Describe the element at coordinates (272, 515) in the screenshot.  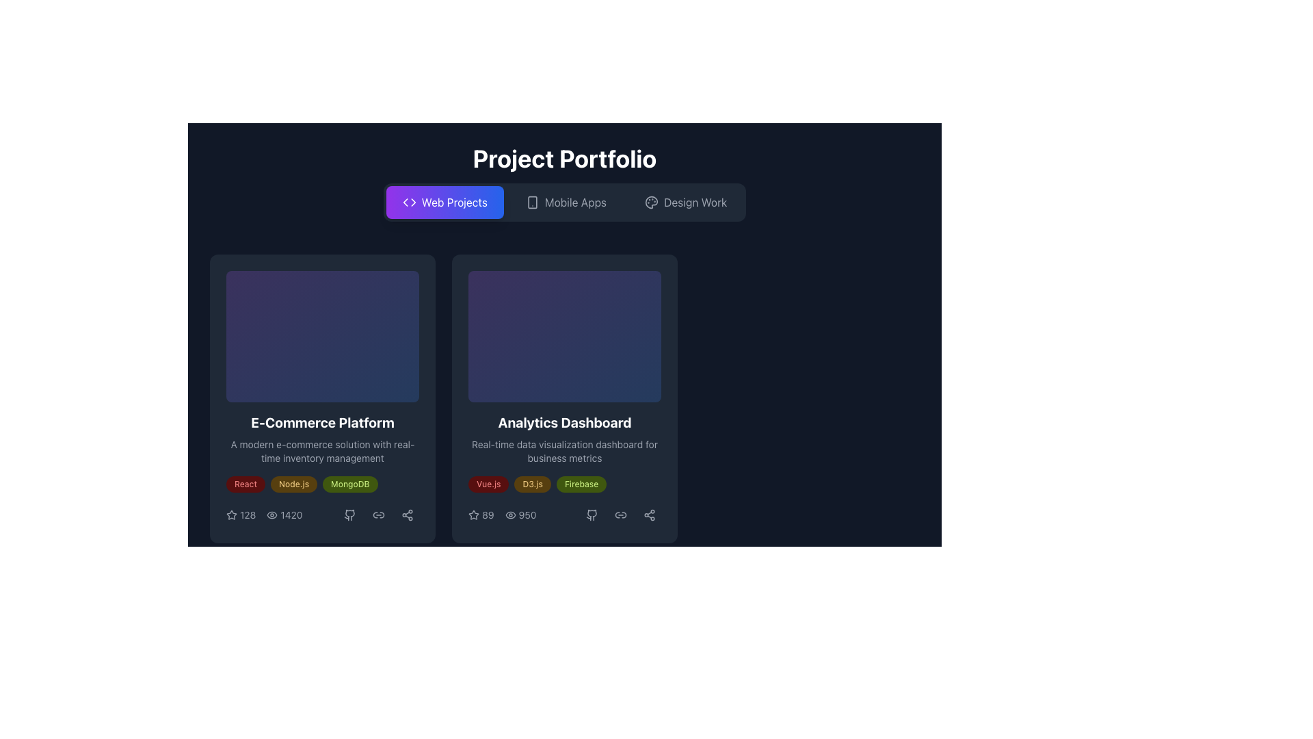
I see `the eye-shaped icon located to the left of the numeric value '1420' in the lower section of the first card labeled 'E-Commerce Platform' if it is interactive` at that location.